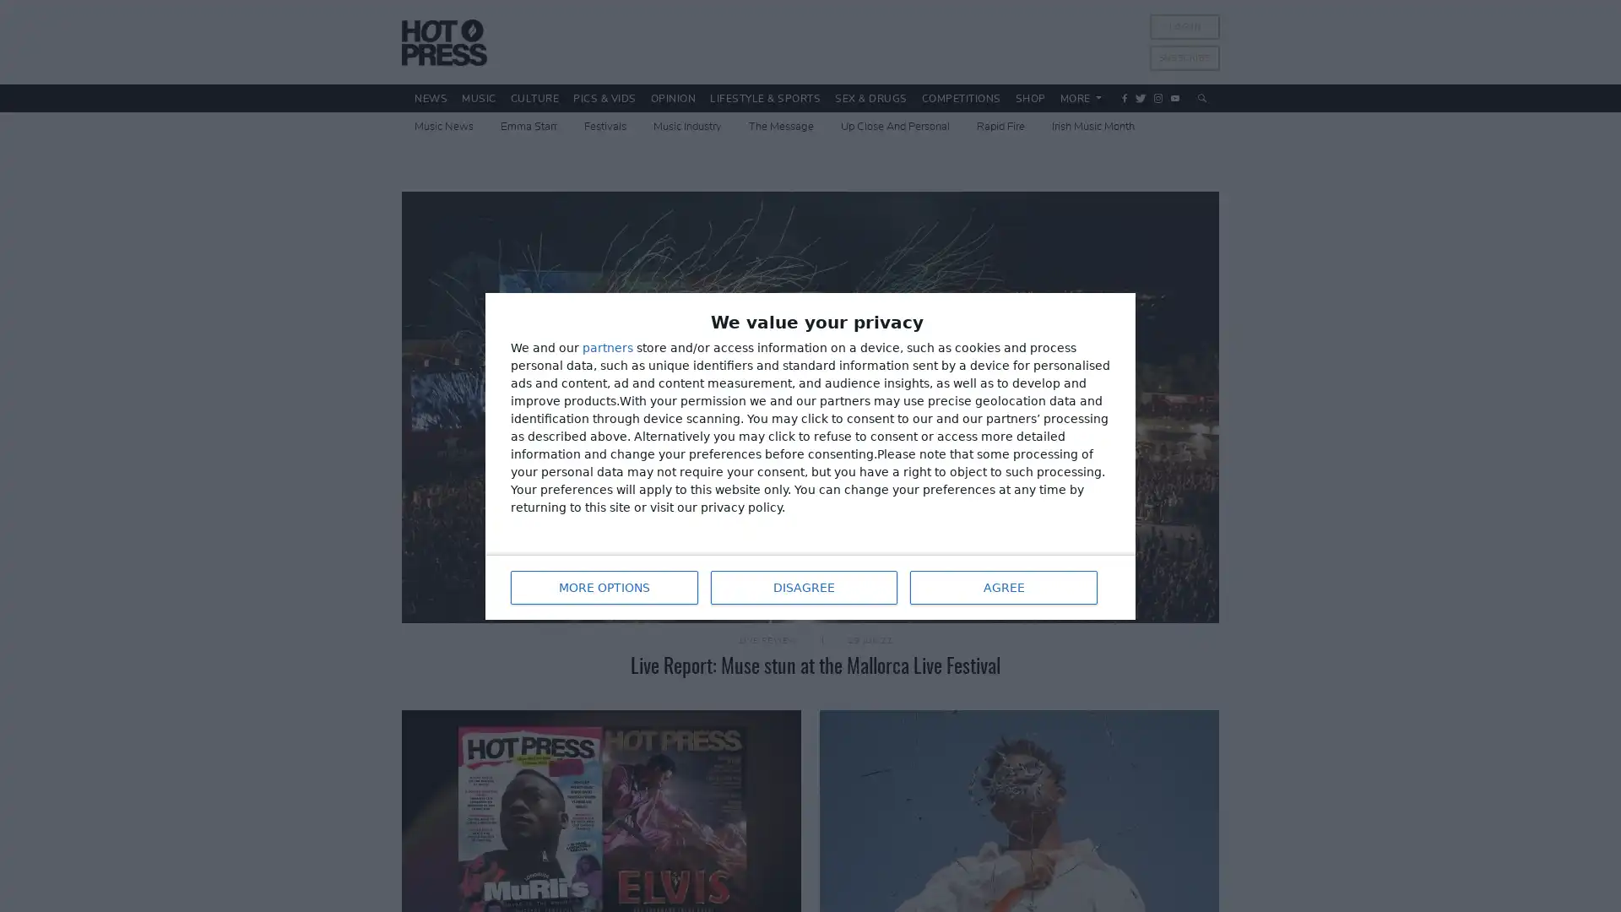 The height and width of the screenshot is (912, 1621). I want to click on partners, so click(608, 346).